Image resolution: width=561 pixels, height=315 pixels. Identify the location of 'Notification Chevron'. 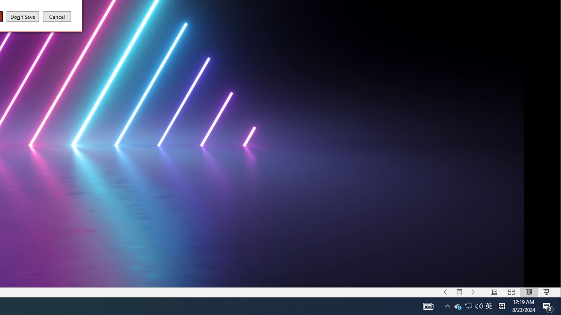
(447, 305).